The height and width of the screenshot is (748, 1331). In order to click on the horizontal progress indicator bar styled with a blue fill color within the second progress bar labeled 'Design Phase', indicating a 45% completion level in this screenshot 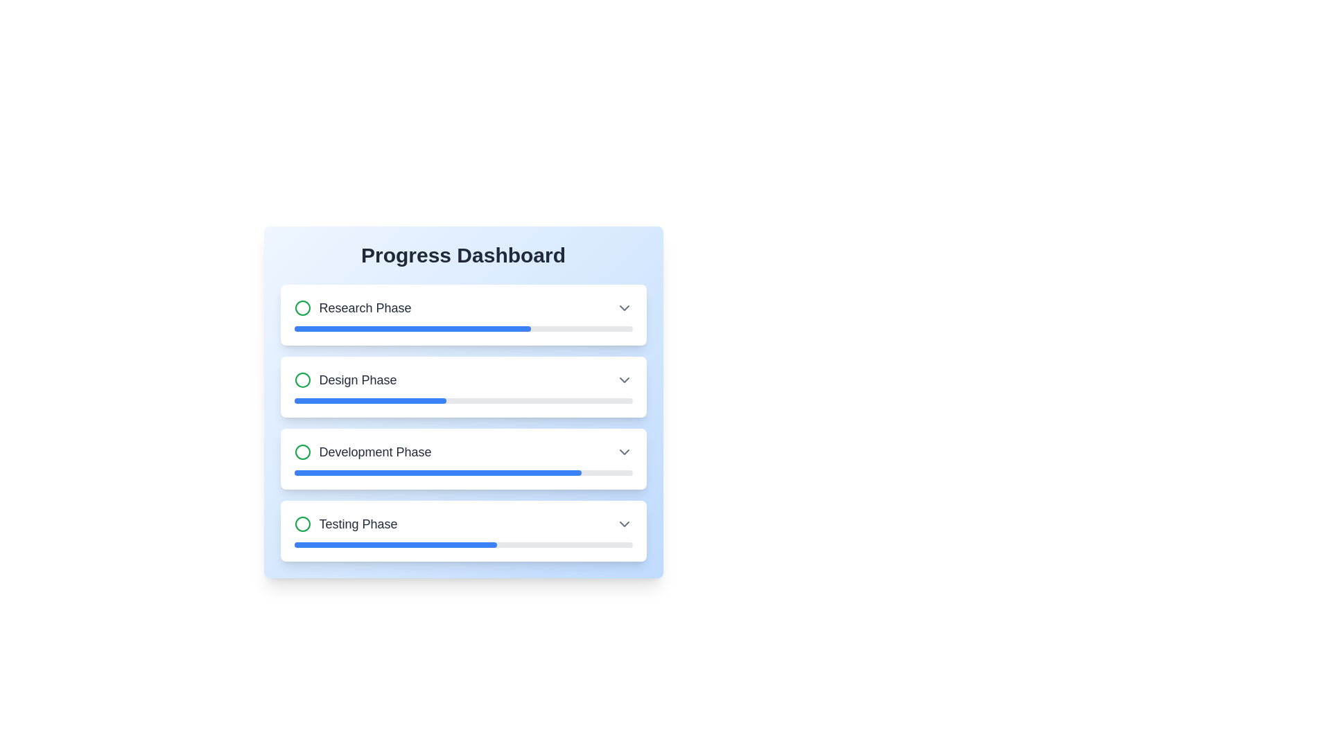, I will do `click(370, 400)`.